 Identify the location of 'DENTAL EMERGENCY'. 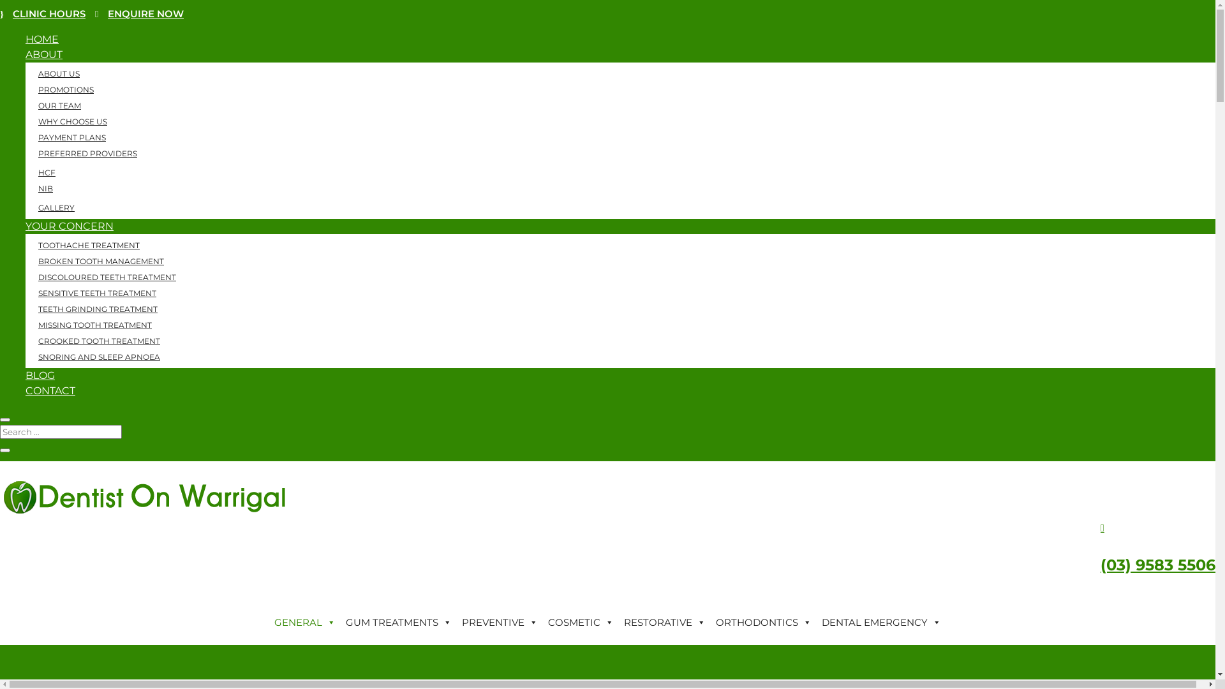
(880, 621).